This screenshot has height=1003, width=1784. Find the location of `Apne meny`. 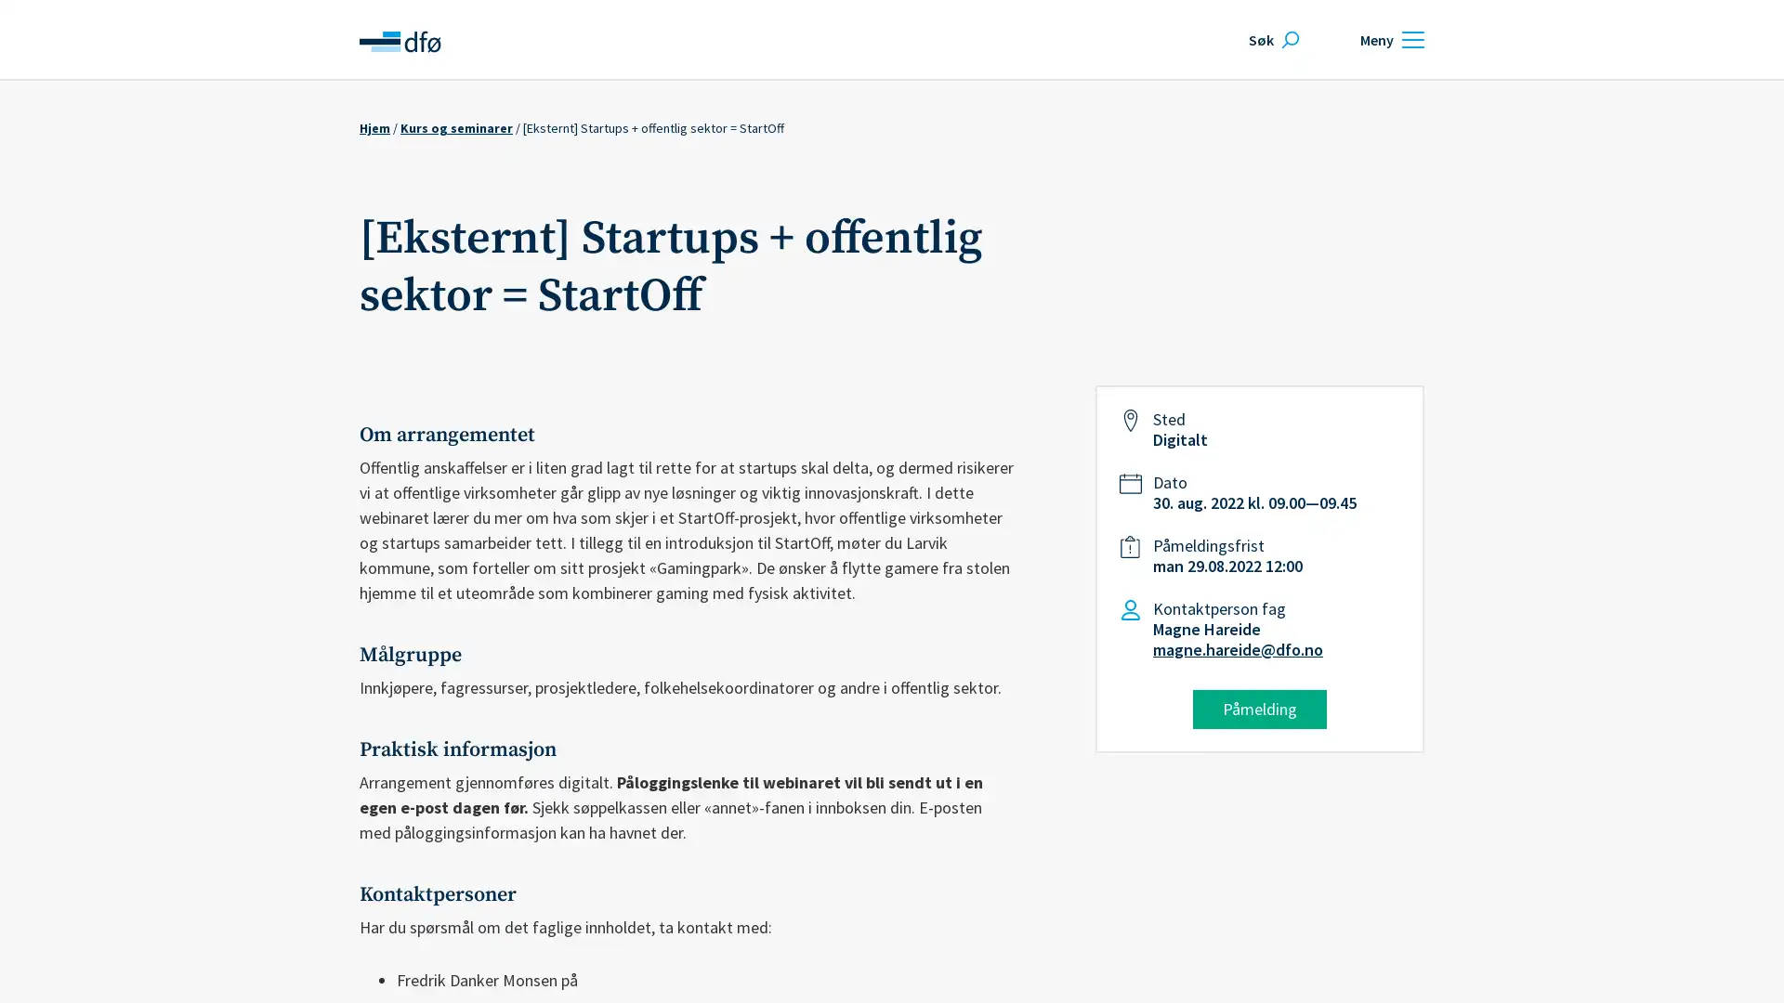

Apne meny is located at coordinates (1389, 39).